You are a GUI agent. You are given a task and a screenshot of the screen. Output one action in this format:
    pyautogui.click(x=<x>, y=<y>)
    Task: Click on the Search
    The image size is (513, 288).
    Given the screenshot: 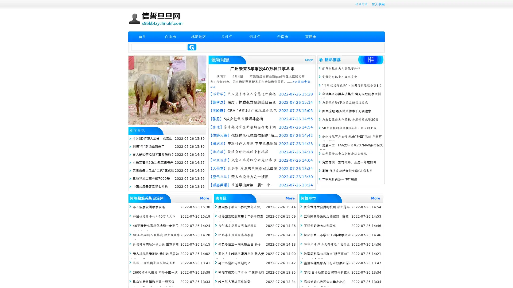 What is the action you would take?
    pyautogui.click(x=192, y=47)
    